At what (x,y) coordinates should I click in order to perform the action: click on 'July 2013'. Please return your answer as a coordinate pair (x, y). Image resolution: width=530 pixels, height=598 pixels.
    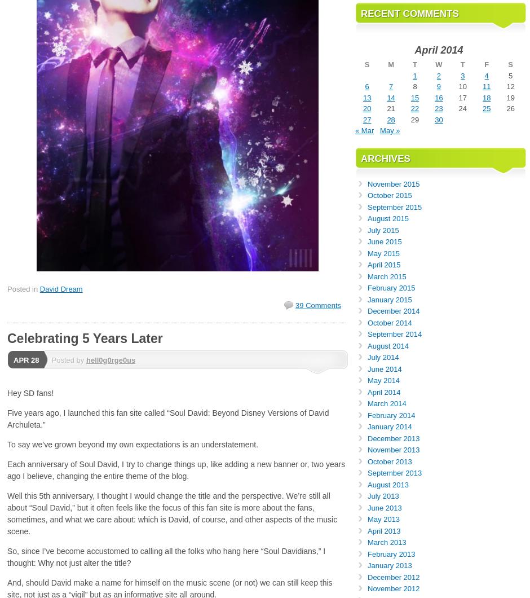
    Looking at the image, I should click on (382, 496).